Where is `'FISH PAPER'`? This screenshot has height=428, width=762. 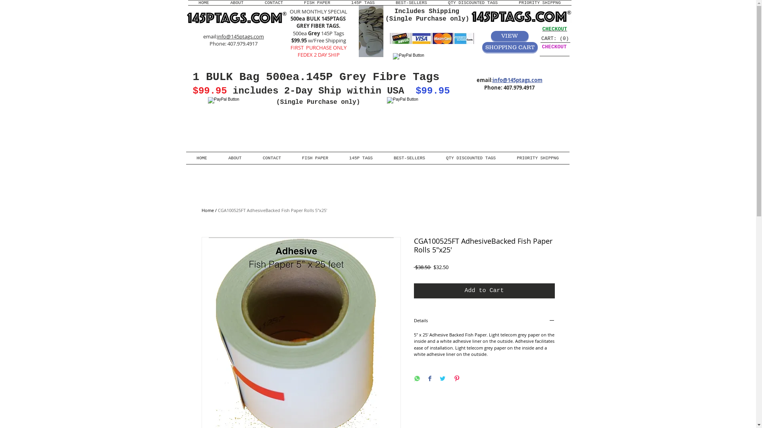
'FISH PAPER' is located at coordinates (317, 3).